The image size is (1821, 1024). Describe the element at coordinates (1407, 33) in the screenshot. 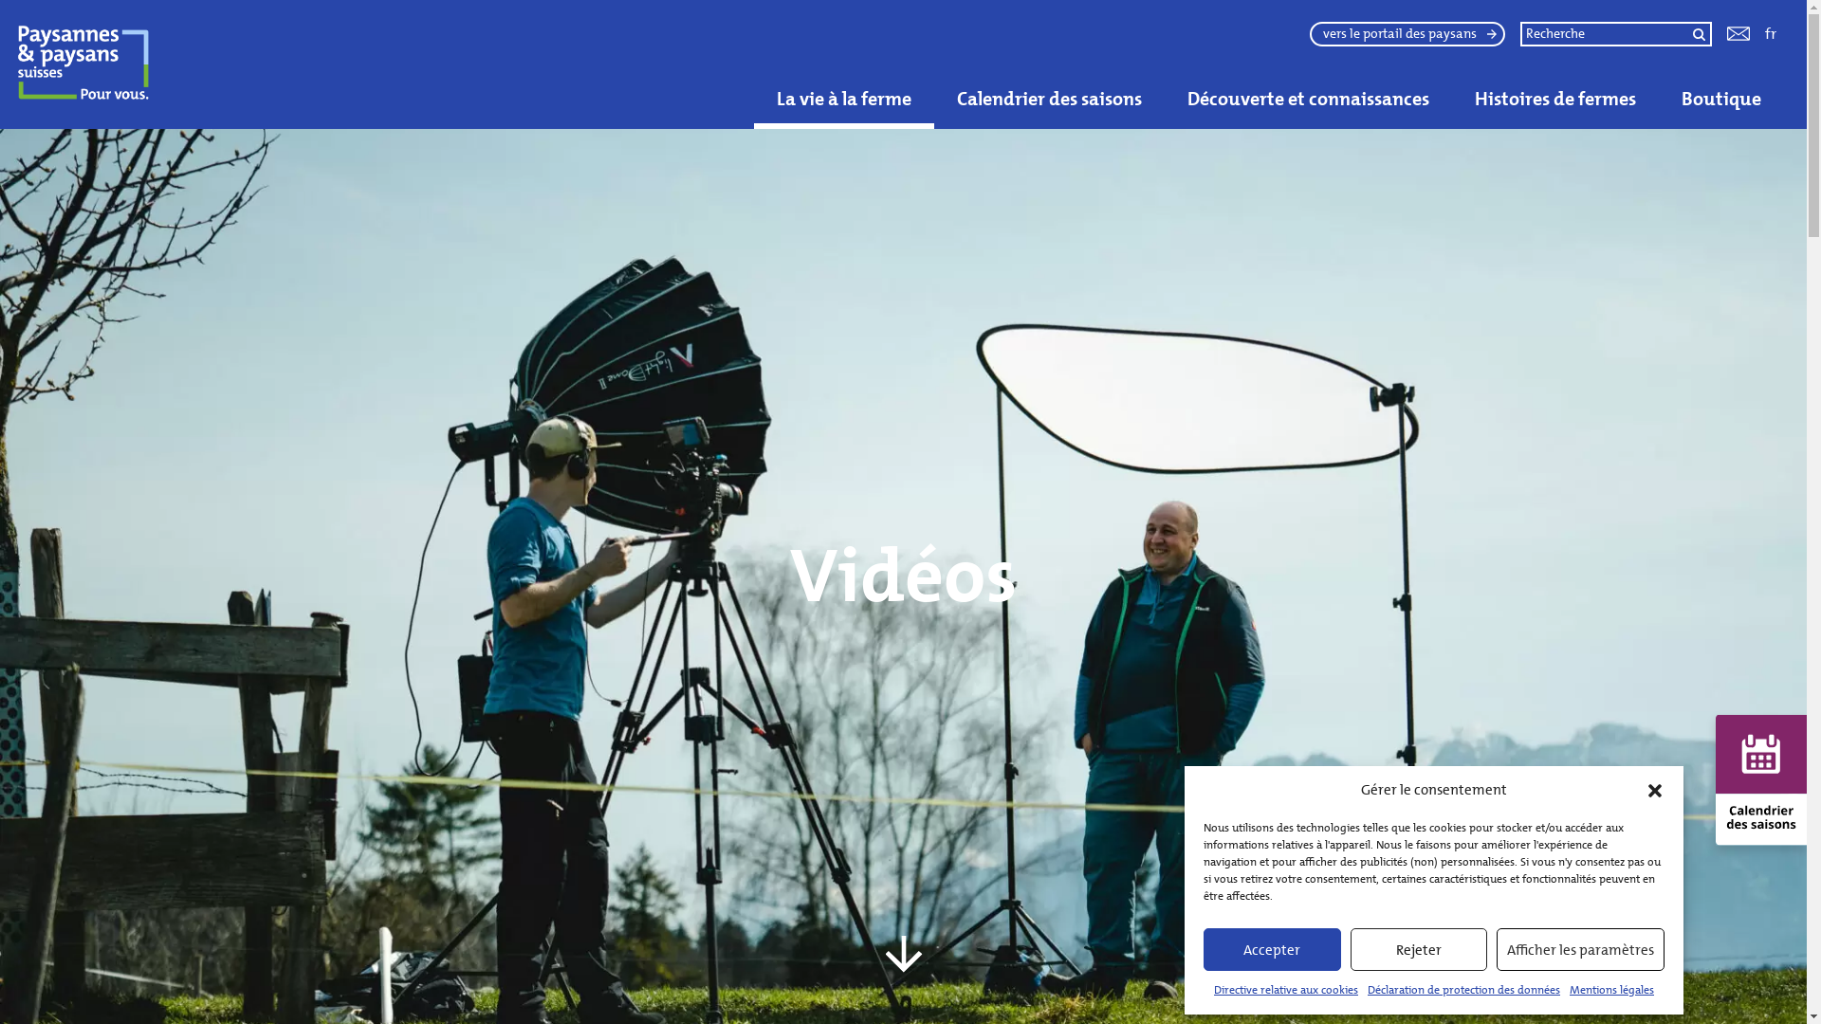

I see `'vers le portail des paysans'` at that location.